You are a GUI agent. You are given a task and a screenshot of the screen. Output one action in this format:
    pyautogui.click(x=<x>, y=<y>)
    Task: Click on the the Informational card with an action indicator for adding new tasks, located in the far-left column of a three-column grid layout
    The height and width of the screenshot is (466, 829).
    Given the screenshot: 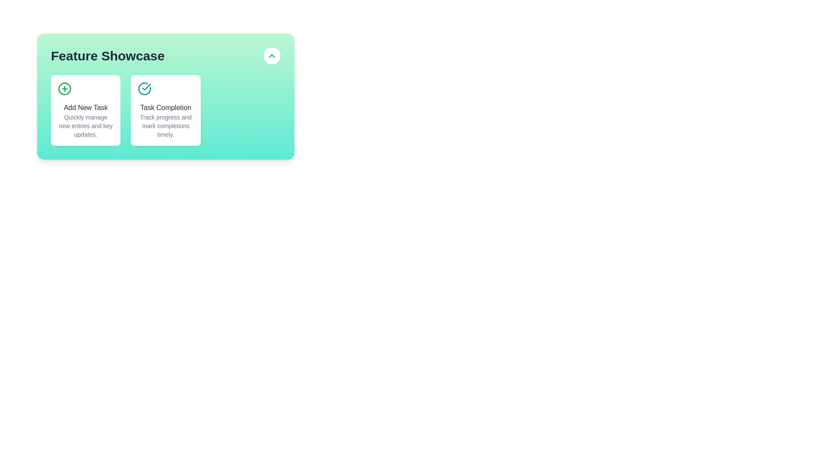 What is the action you would take?
    pyautogui.click(x=85, y=110)
    